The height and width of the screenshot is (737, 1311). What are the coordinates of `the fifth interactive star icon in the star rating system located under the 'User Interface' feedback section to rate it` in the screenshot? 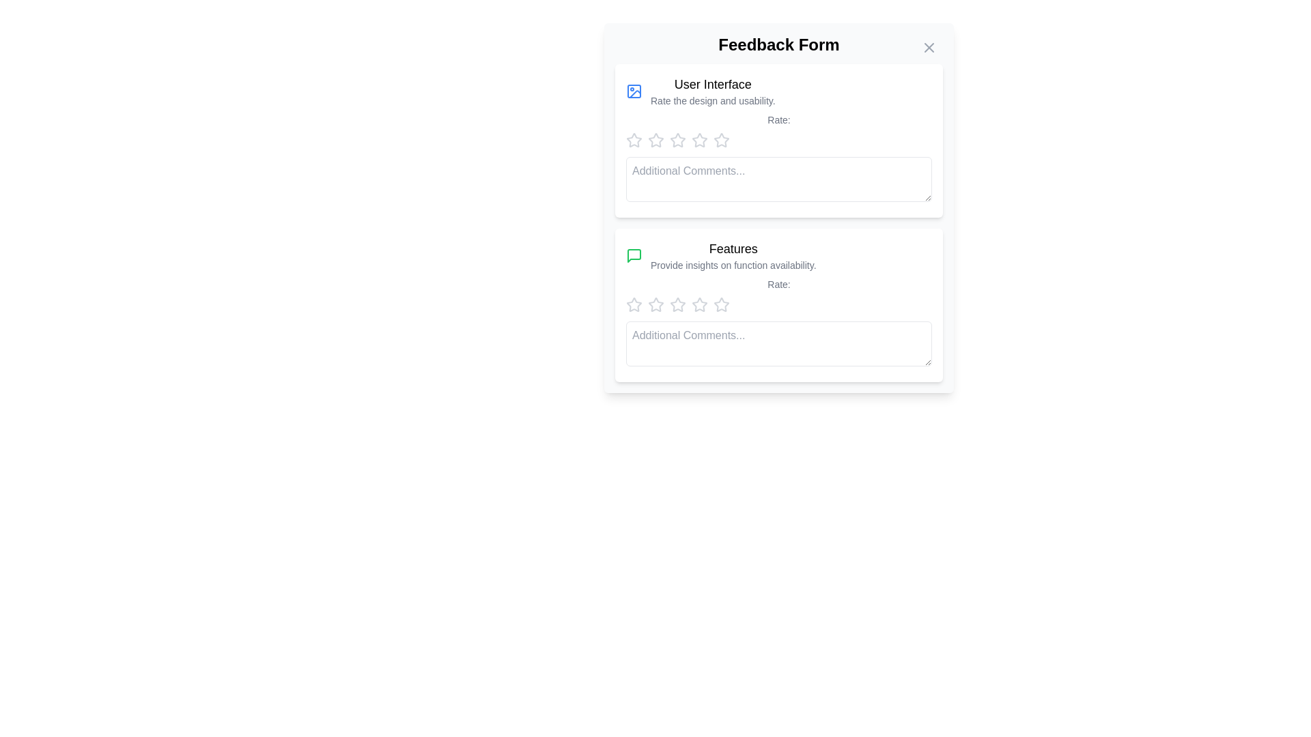 It's located at (700, 140).